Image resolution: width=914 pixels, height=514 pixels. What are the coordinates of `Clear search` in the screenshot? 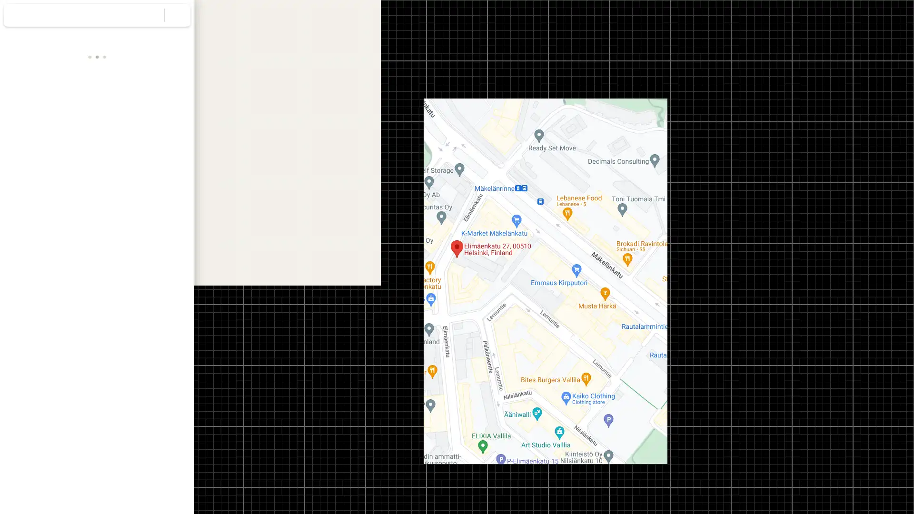 It's located at (178, 15).